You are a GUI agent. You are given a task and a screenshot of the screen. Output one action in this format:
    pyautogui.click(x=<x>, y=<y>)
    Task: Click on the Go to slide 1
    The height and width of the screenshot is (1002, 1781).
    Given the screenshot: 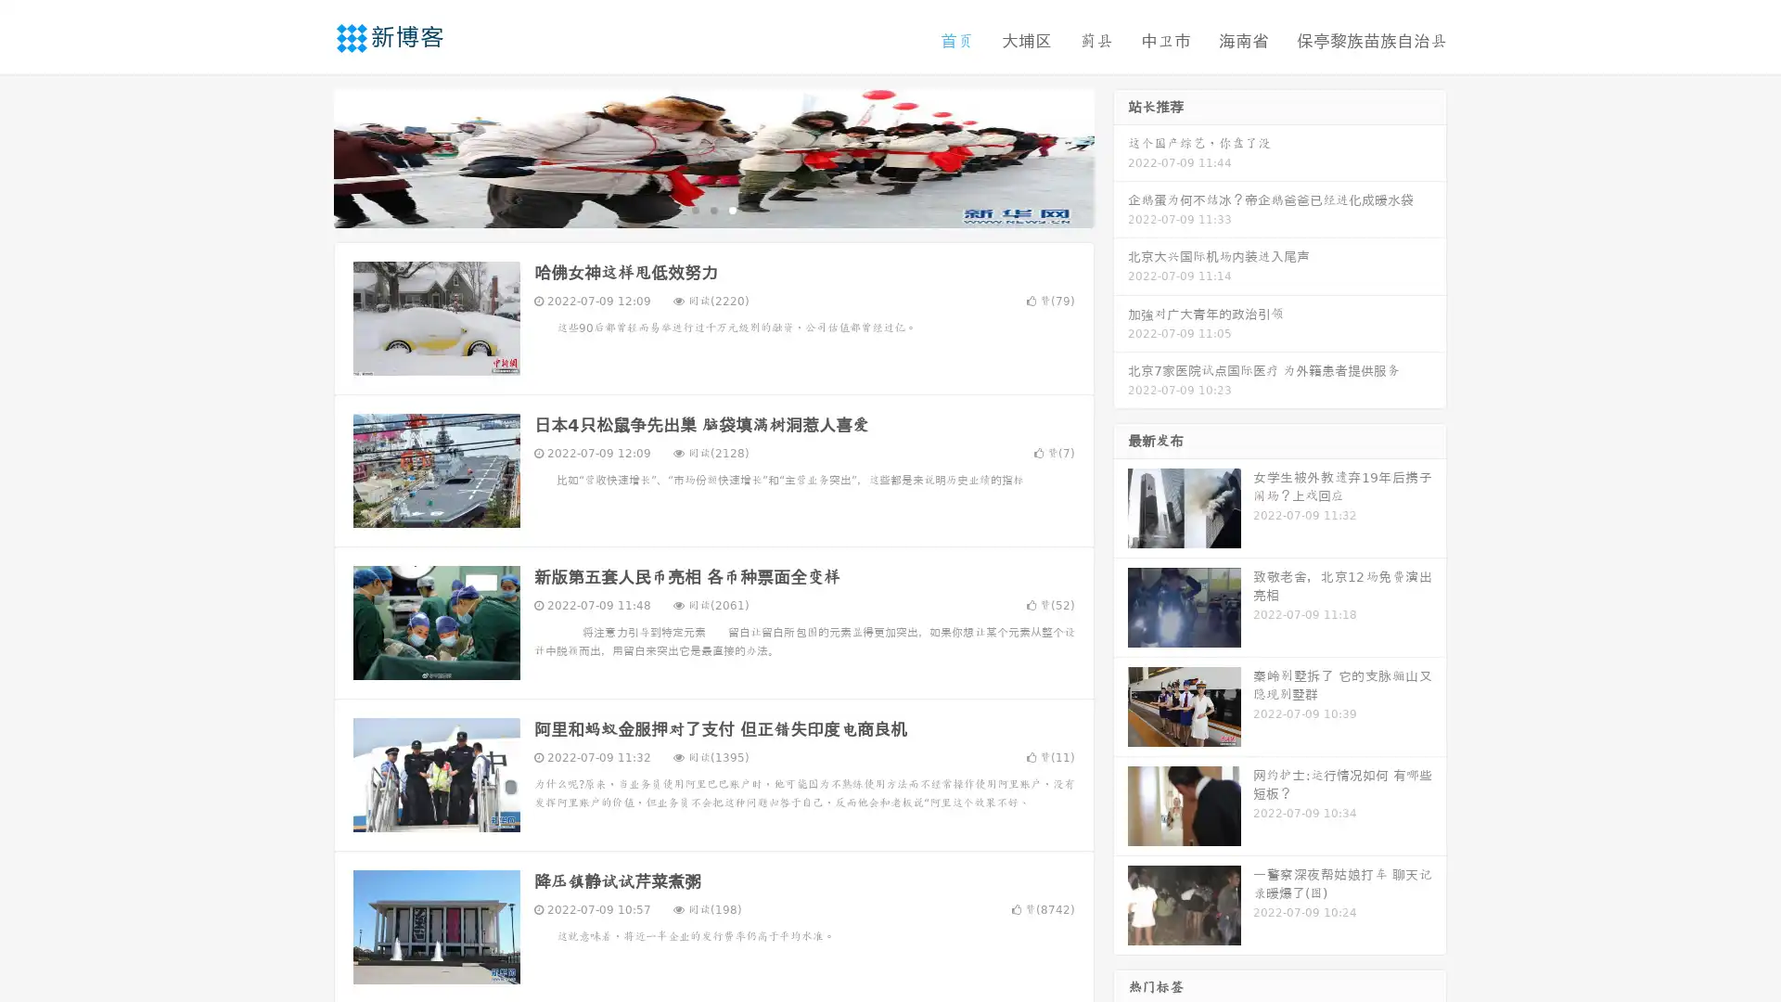 What is the action you would take?
    pyautogui.click(x=694, y=209)
    